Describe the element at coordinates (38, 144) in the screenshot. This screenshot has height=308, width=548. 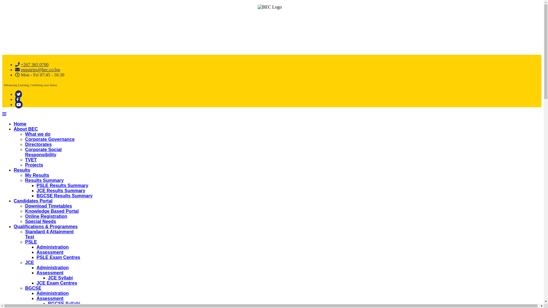
I see `'Directorates'` at that location.